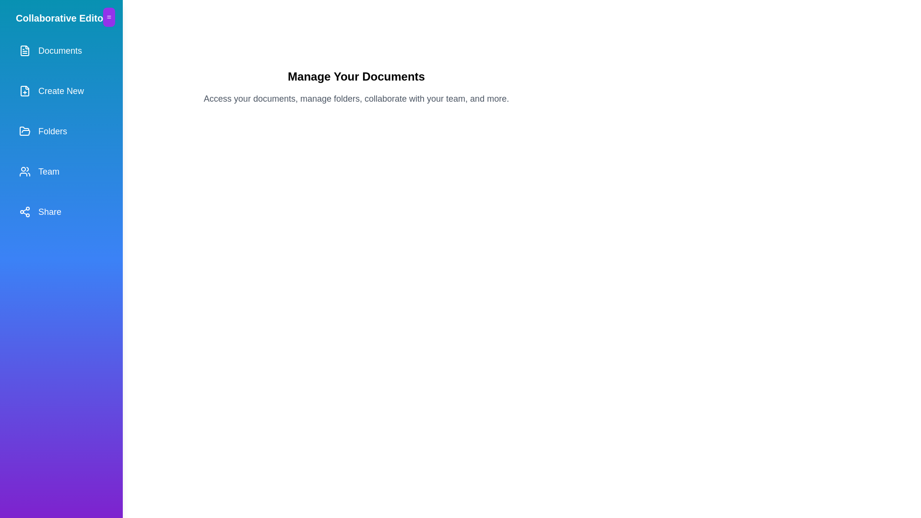 Image resolution: width=921 pixels, height=518 pixels. I want to click on the main content area to focus or activate it, so click(356, 312).